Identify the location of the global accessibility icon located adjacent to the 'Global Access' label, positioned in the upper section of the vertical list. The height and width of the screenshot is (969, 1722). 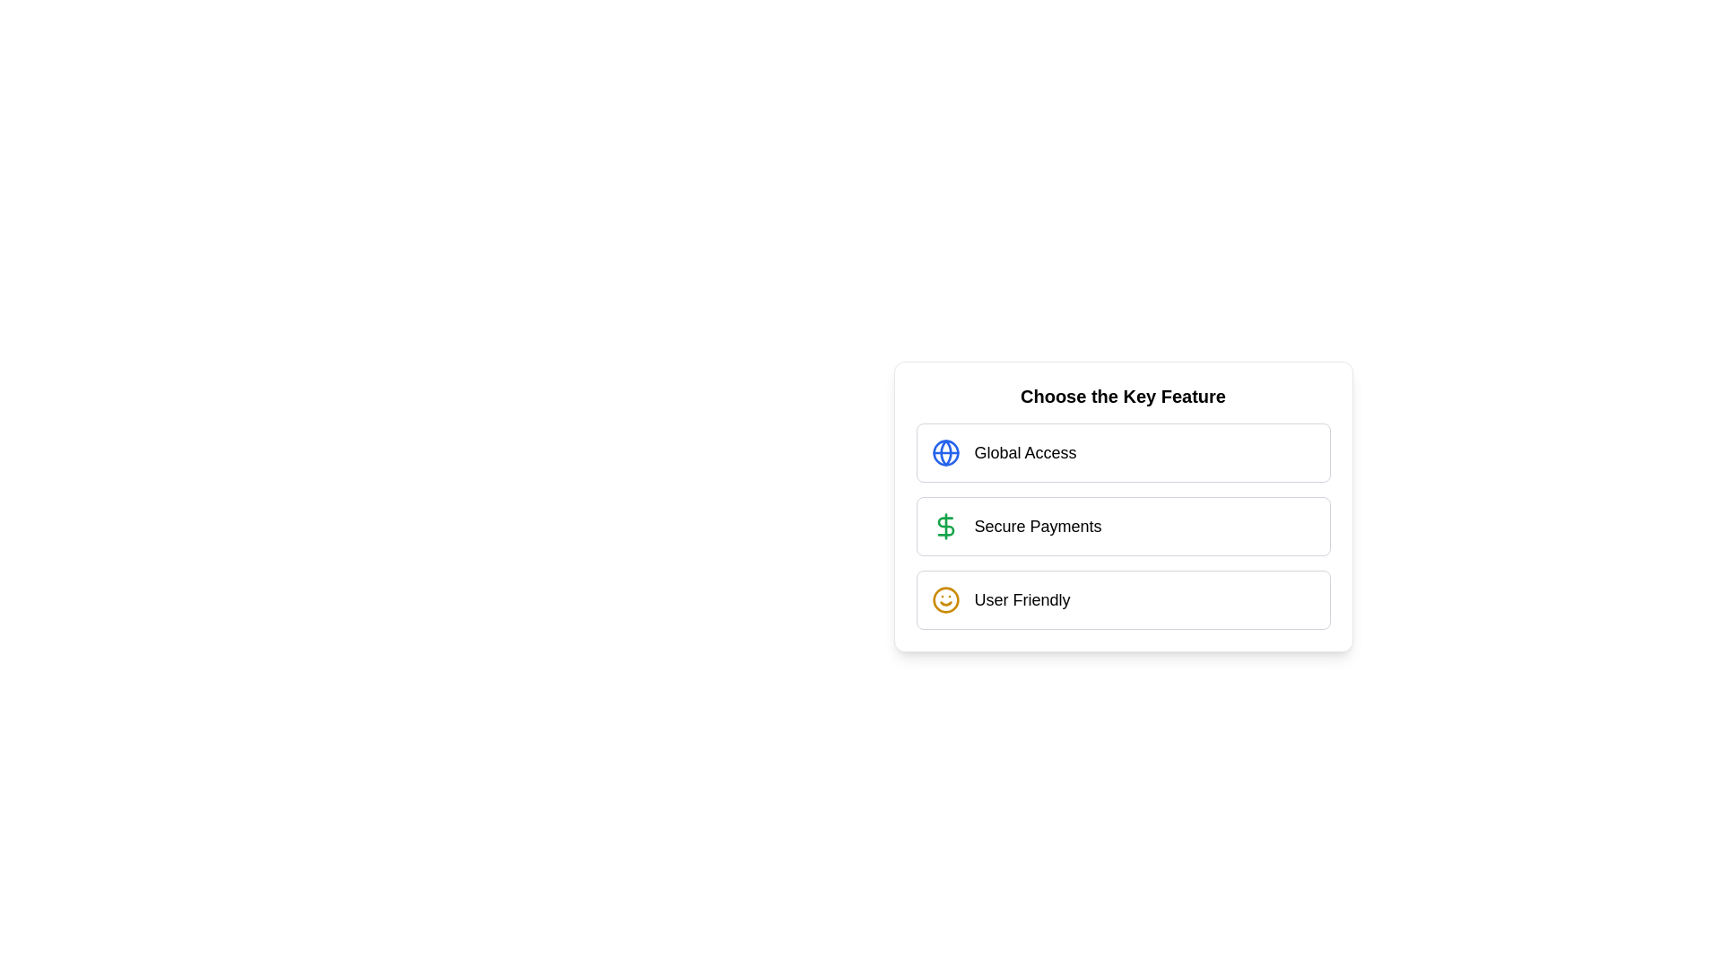
(944, 452).